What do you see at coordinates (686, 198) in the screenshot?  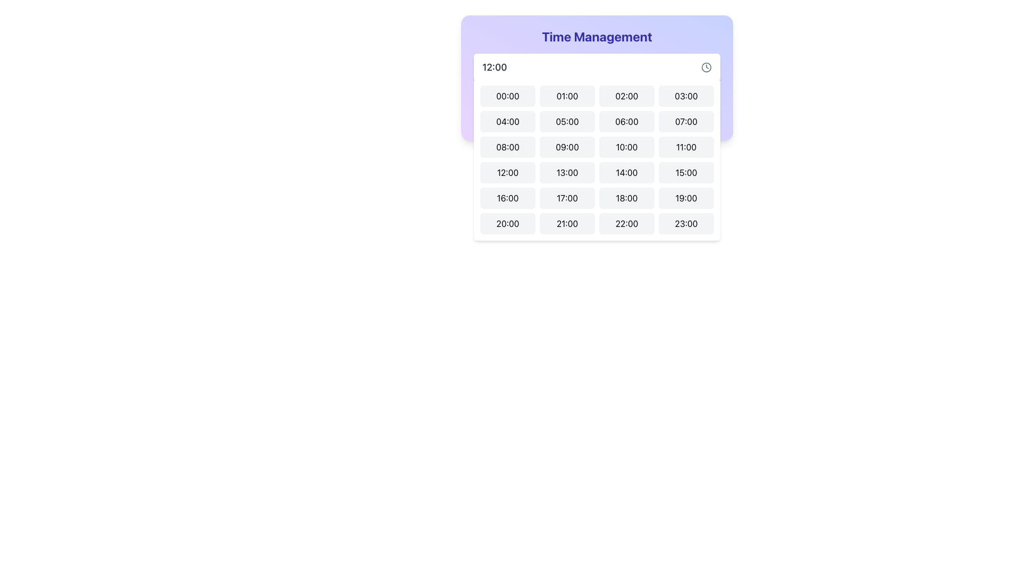 I see `the button labeled '19:00' which is the seventh button in the last row of a 4-column grid layout` at bounding box center [686, 198].